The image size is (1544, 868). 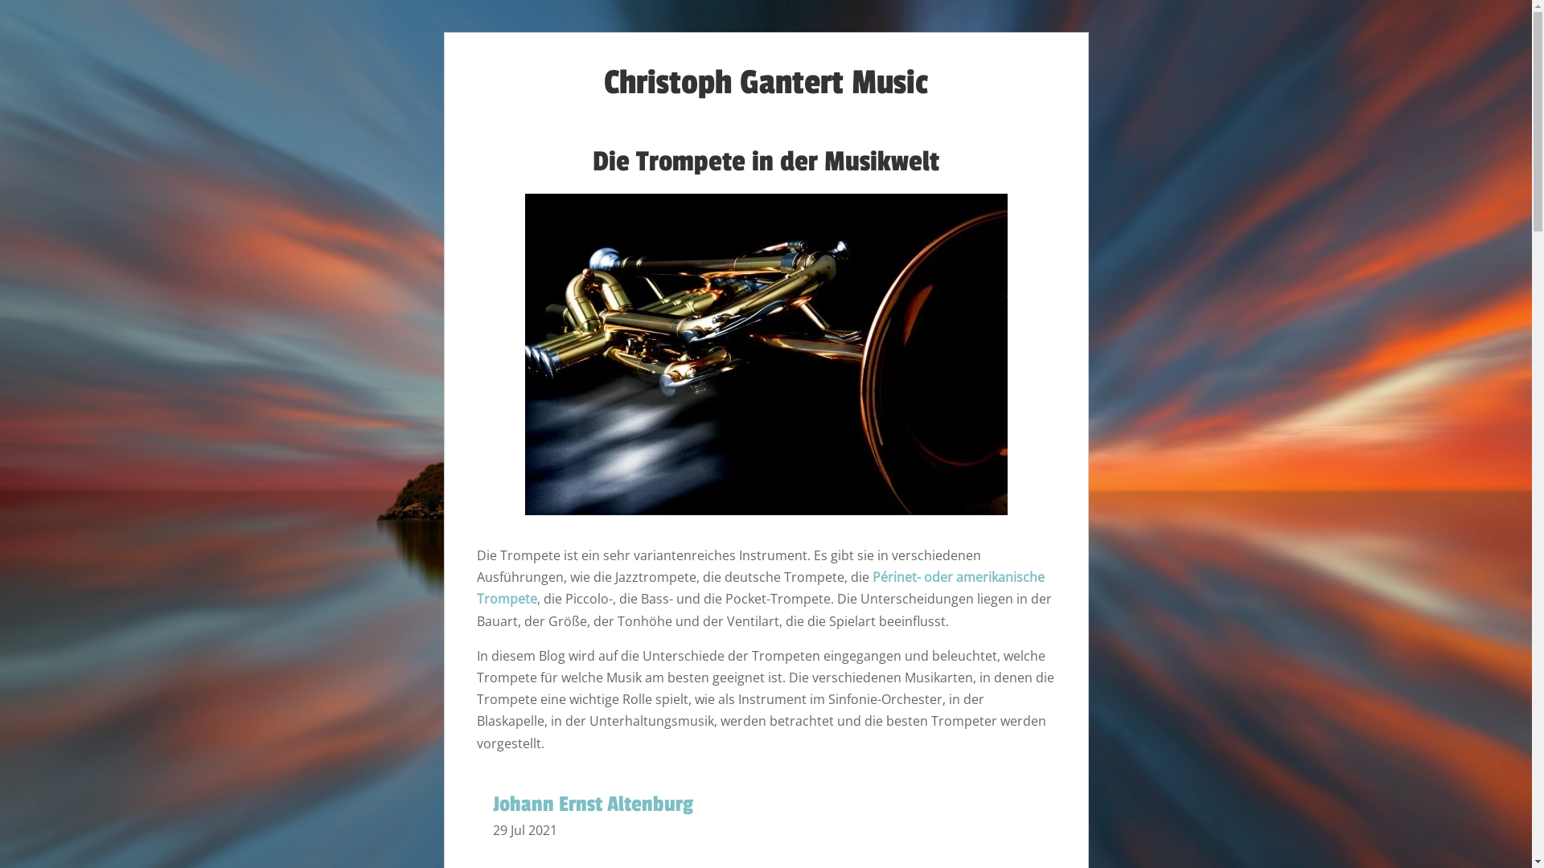 What do you see at coordinates (491, 805) in the screenshot?
I see `'Johann Ernst Altenburg'` at bounding box center [491, 805].